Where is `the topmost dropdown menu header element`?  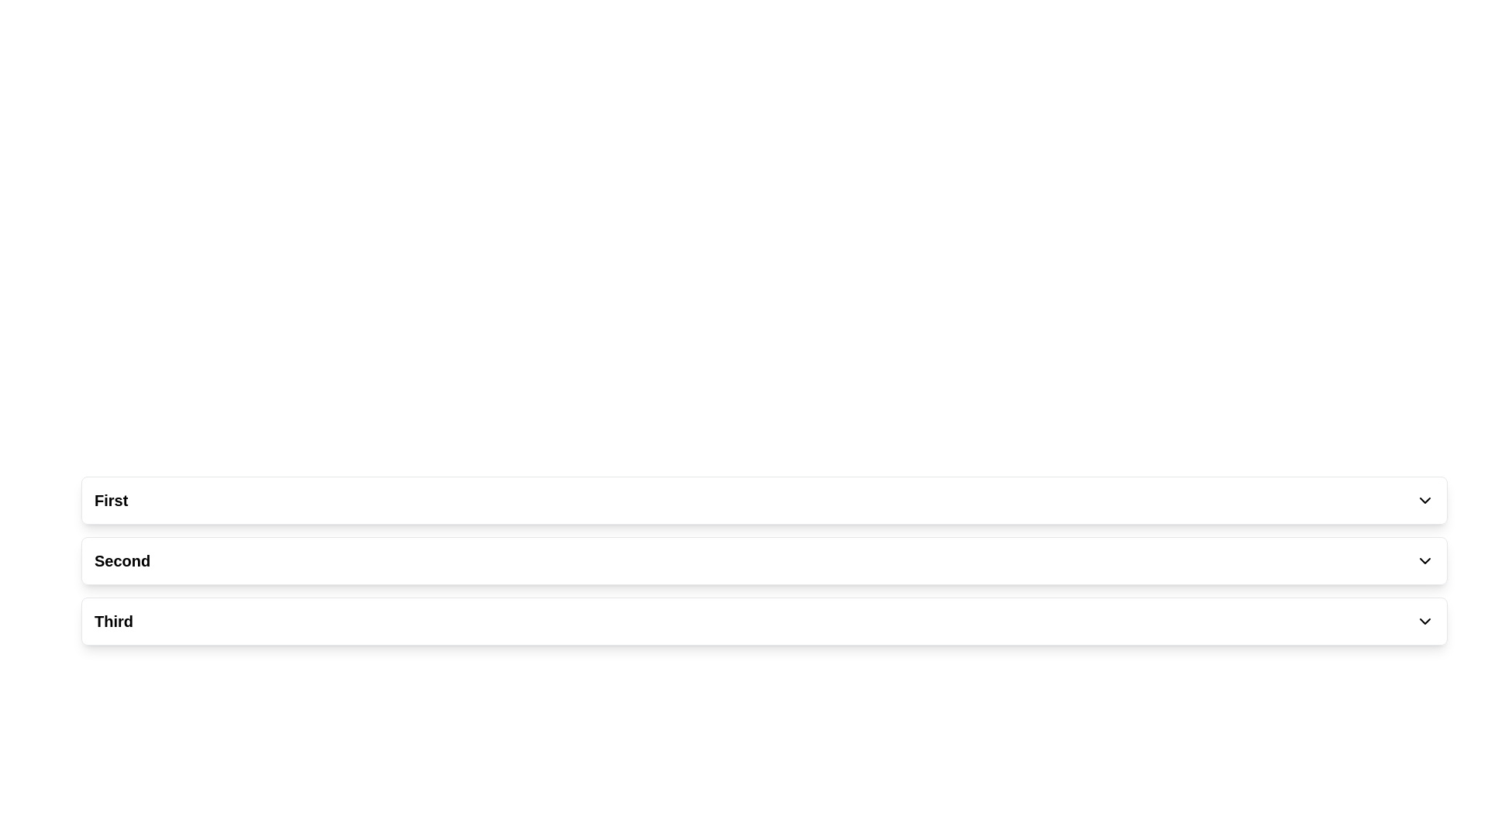 the topmost dropdown menu header element is located at coordinates (764, 500).